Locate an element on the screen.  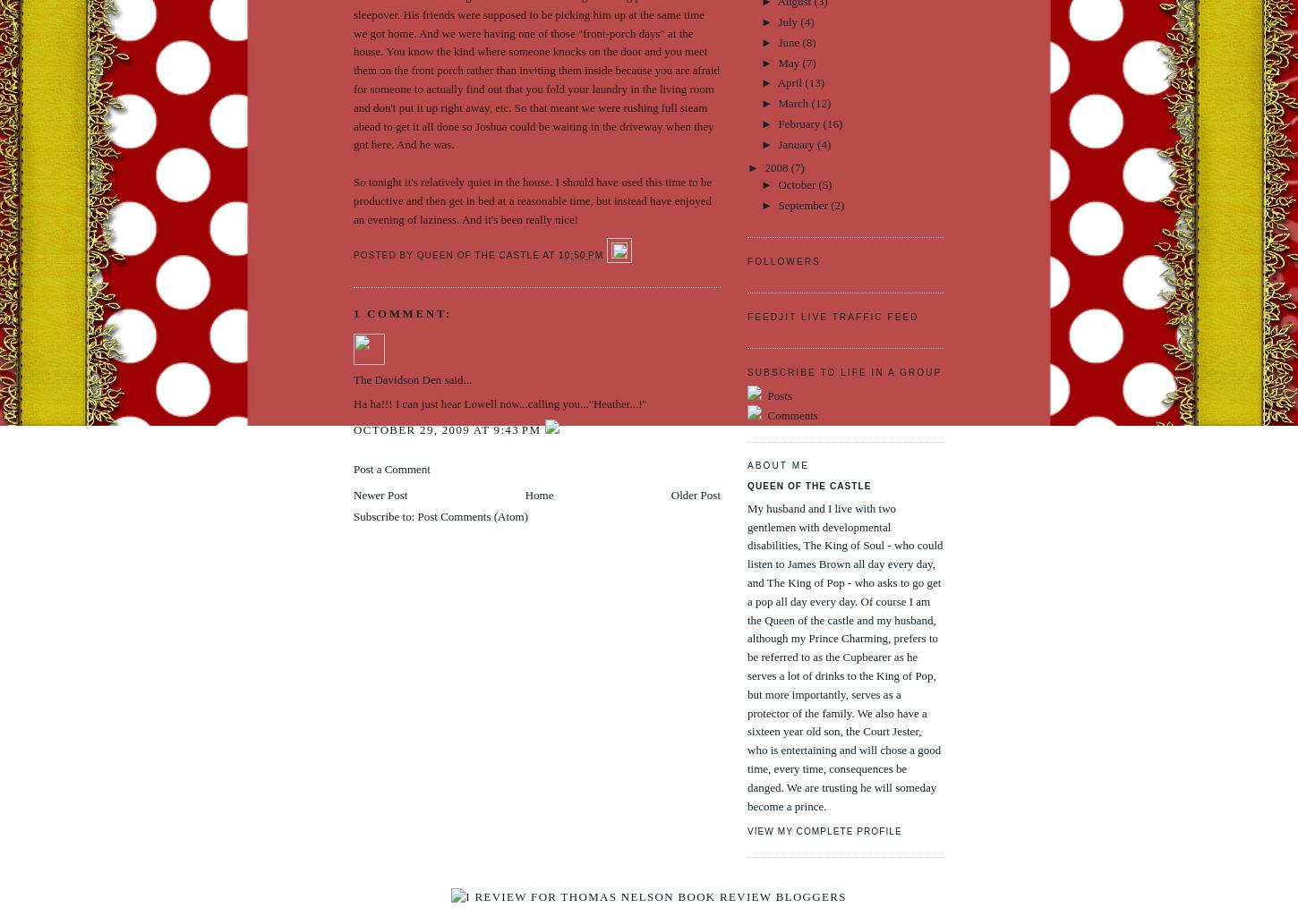
'October' is located at coordinates (797, 184).